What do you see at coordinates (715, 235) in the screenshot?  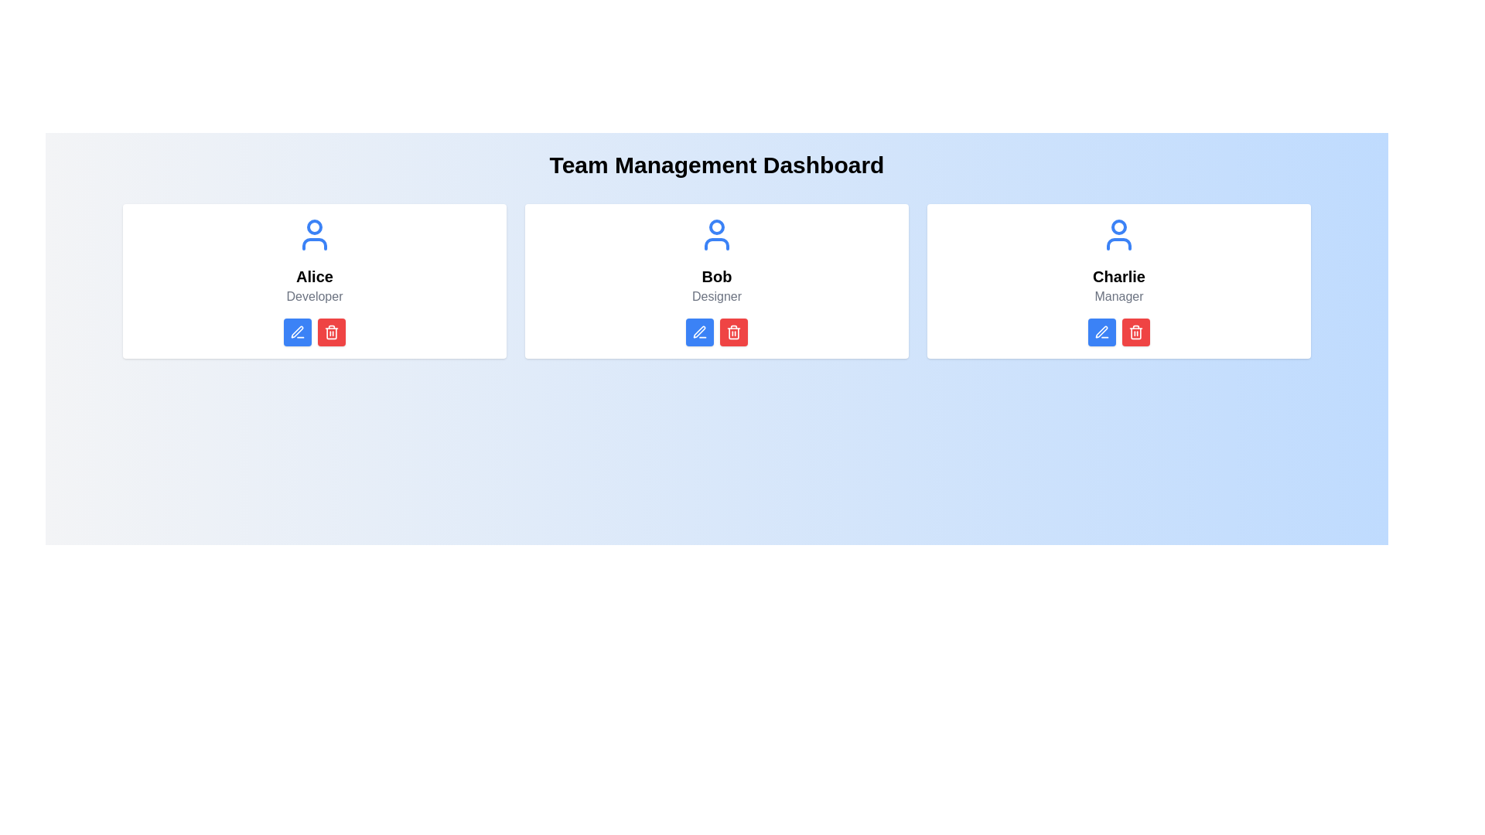 I see `the SVG user icon representing a user, which is styled in blue and located at the center of the top of a white background card displaying the name 'Bob' and the role 'Designer' below it` at bounding box center [715, 235].